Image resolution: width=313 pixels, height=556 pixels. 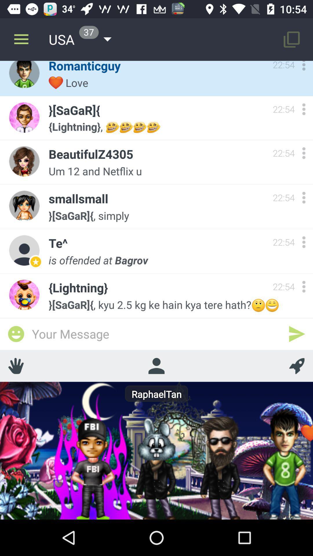 What do you see at coordinates (303, 109) in the screenshot?
I see `shows expand icon` at bounding box center [303, 109].